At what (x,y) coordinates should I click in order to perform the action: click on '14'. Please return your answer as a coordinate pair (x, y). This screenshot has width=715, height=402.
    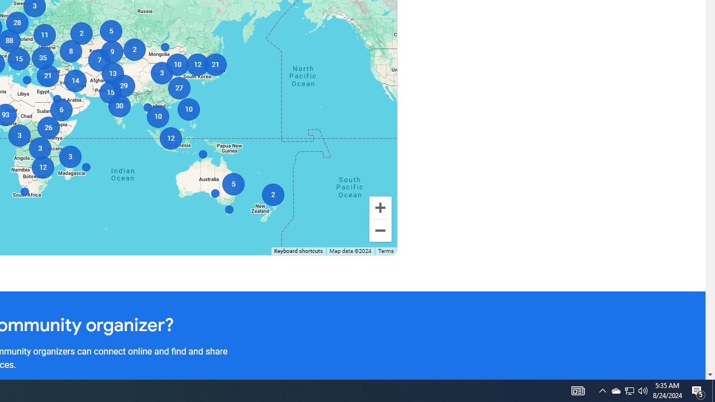
    Looking at the image, I should click on (74, 80).